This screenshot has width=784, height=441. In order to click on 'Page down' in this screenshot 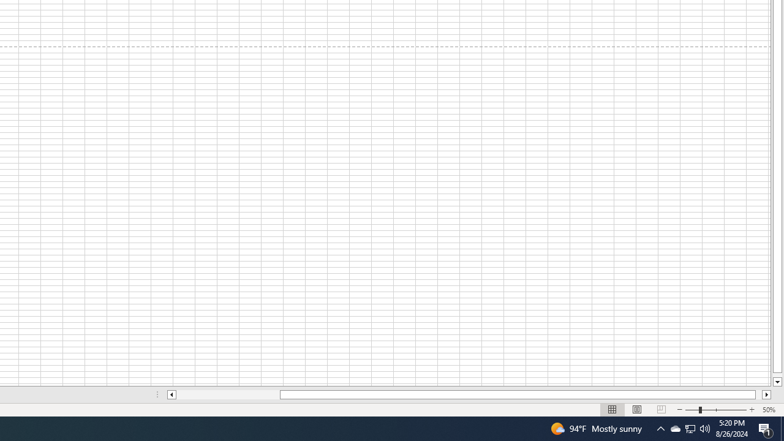, I will do `click(777, 374)`.